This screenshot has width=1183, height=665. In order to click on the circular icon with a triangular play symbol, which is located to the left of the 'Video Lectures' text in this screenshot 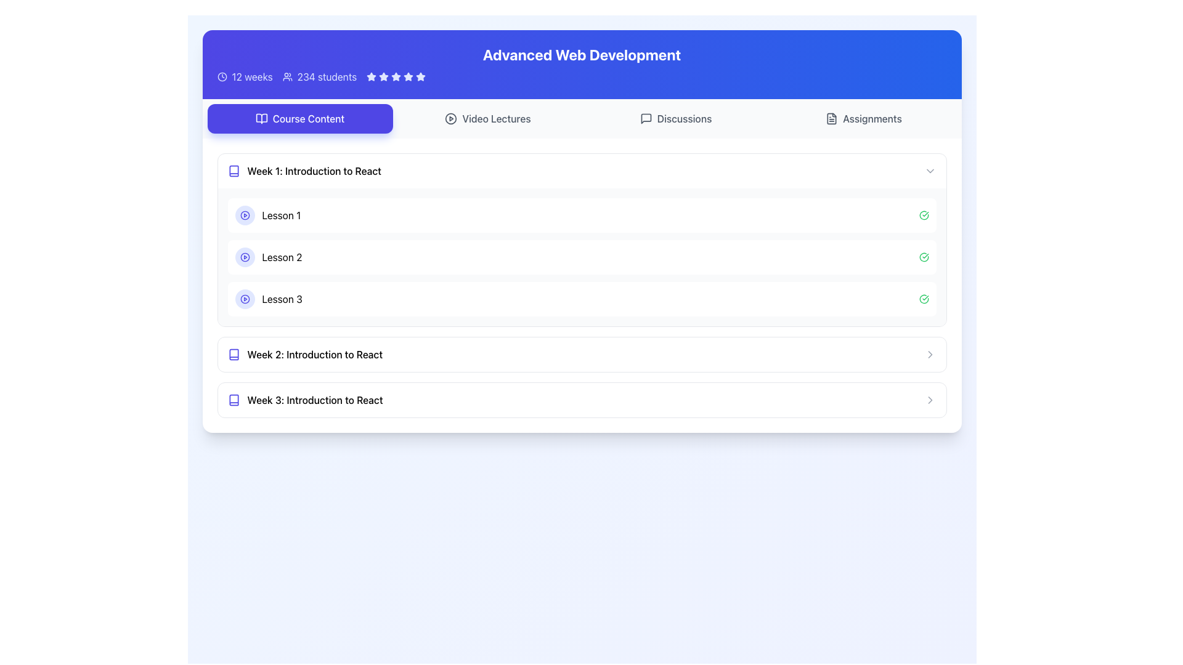, I will do `click(450, 118)`.